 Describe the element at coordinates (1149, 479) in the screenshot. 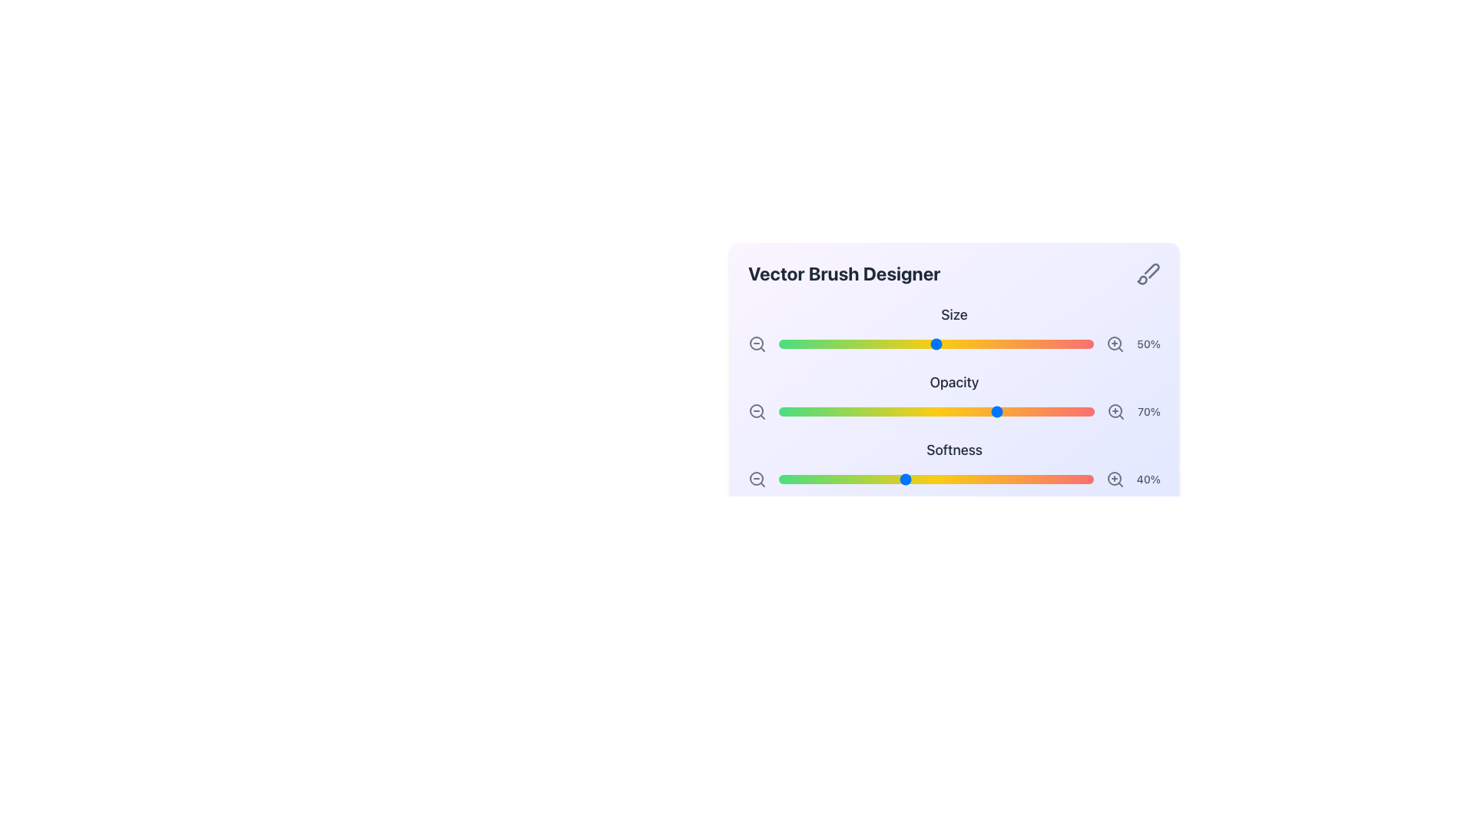

I see `value displayed in the Text Indicator which shows '40%' to the right of the horizontal progress bar for 'Softness'` at that location.